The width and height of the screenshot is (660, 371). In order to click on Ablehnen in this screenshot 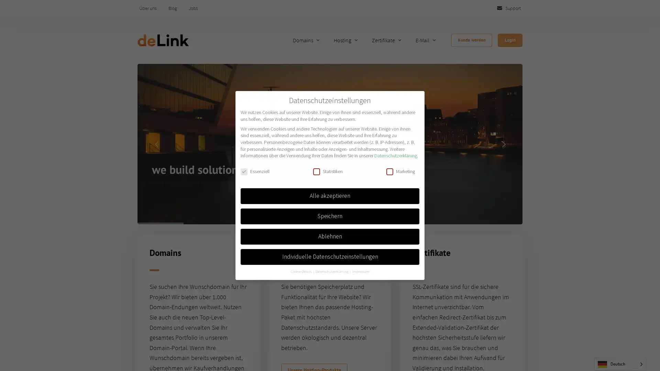, I will do `click(338, 353)`.